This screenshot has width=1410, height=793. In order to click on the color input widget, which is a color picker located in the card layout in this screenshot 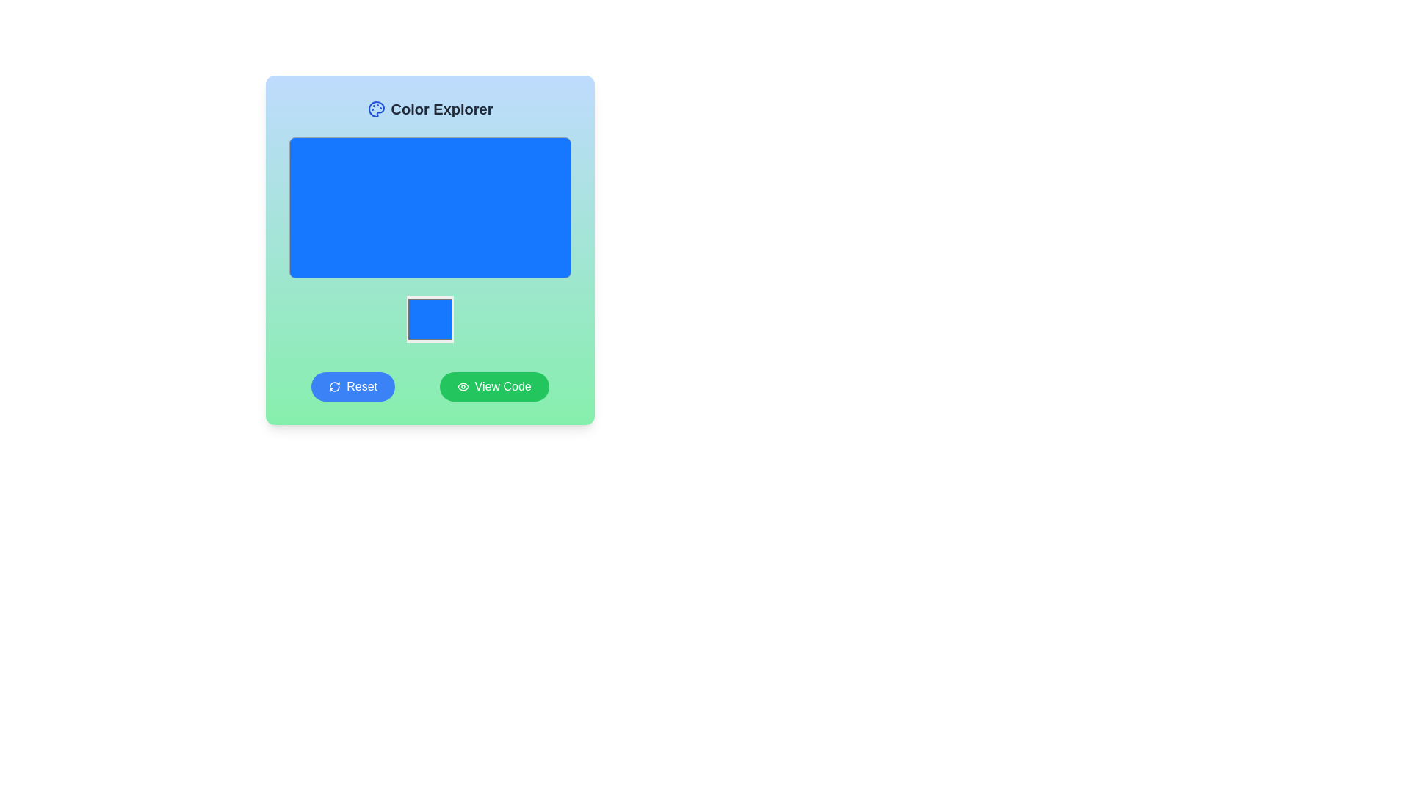, I will do `click(429, 319)`.